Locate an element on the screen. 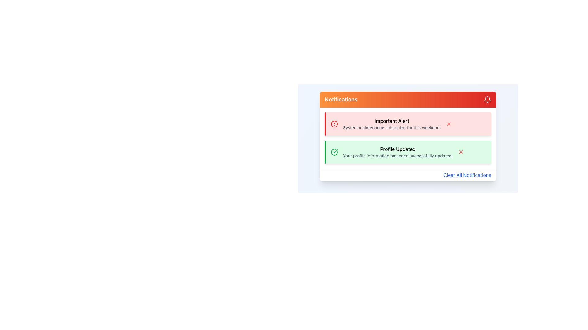 This screenshot has width=588, height=330. important message displayed on the first Notification Card in the notification panel under 'Notifications' is located at coordinates (408, 124).